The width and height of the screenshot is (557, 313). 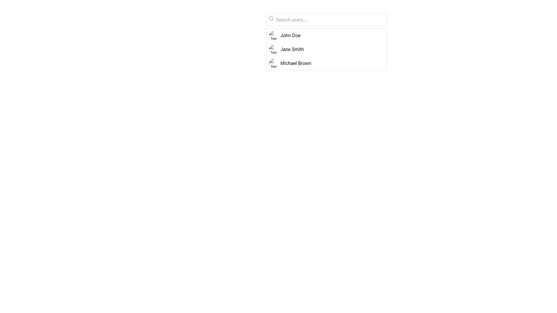 What do you see at coordinates (271, 18) in the screenshot?
I see `the search icon located at the top-left corner of the search bar component, which indicates the purpose of the search input field` at bounding box center [271, 18].